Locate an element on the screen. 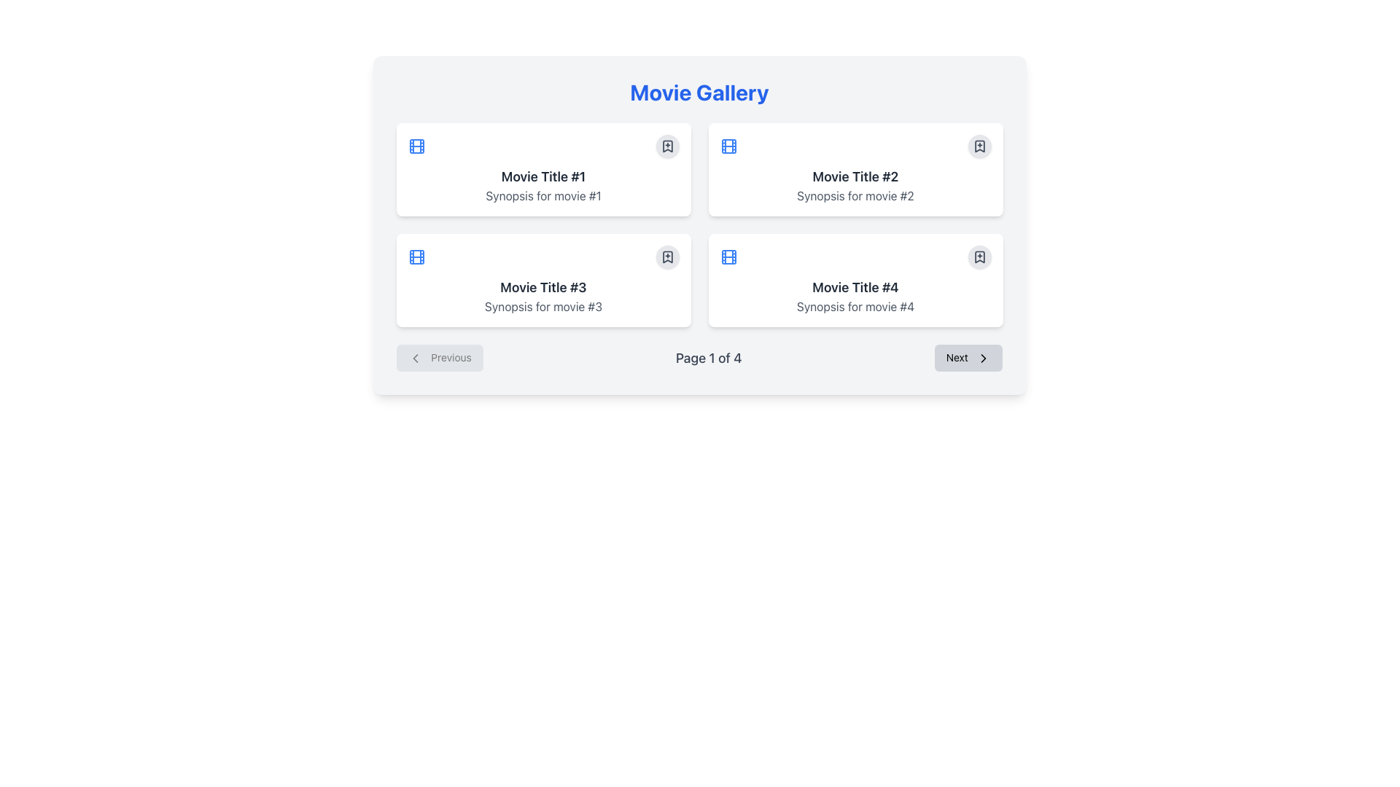 Image resolution: width=1400 pixels, height=787 pixels. the text label located below the title 'Movie Title #3' in the fourth card of a 2x2 grid layout is located at coordinates (542, 305).